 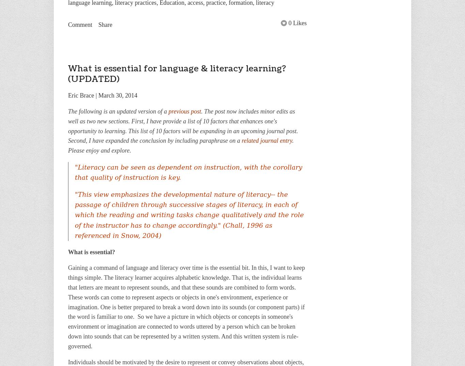 I want to click on 'Gaining a command of language and literacy over time is the essential bit. In this, I want to keep things simple. The literacy learner acquires alphabetic knowledge. That is, the individual learns that letters are meant to represent sounds, and that these sounds are combined to form words. These words can come to represent aspects or objects in one's environment, experience or imagination. One is better prepared to break a word down into its sounds (or component parts) if the word is familiar to one.  So we have a picture in which objects or concepts in someone's environment or imagination are connected to words uttered by a person which can be broken down into sounds that can be represented by a written system. And this written system is rule-governed.', so click(x=186, y=307).